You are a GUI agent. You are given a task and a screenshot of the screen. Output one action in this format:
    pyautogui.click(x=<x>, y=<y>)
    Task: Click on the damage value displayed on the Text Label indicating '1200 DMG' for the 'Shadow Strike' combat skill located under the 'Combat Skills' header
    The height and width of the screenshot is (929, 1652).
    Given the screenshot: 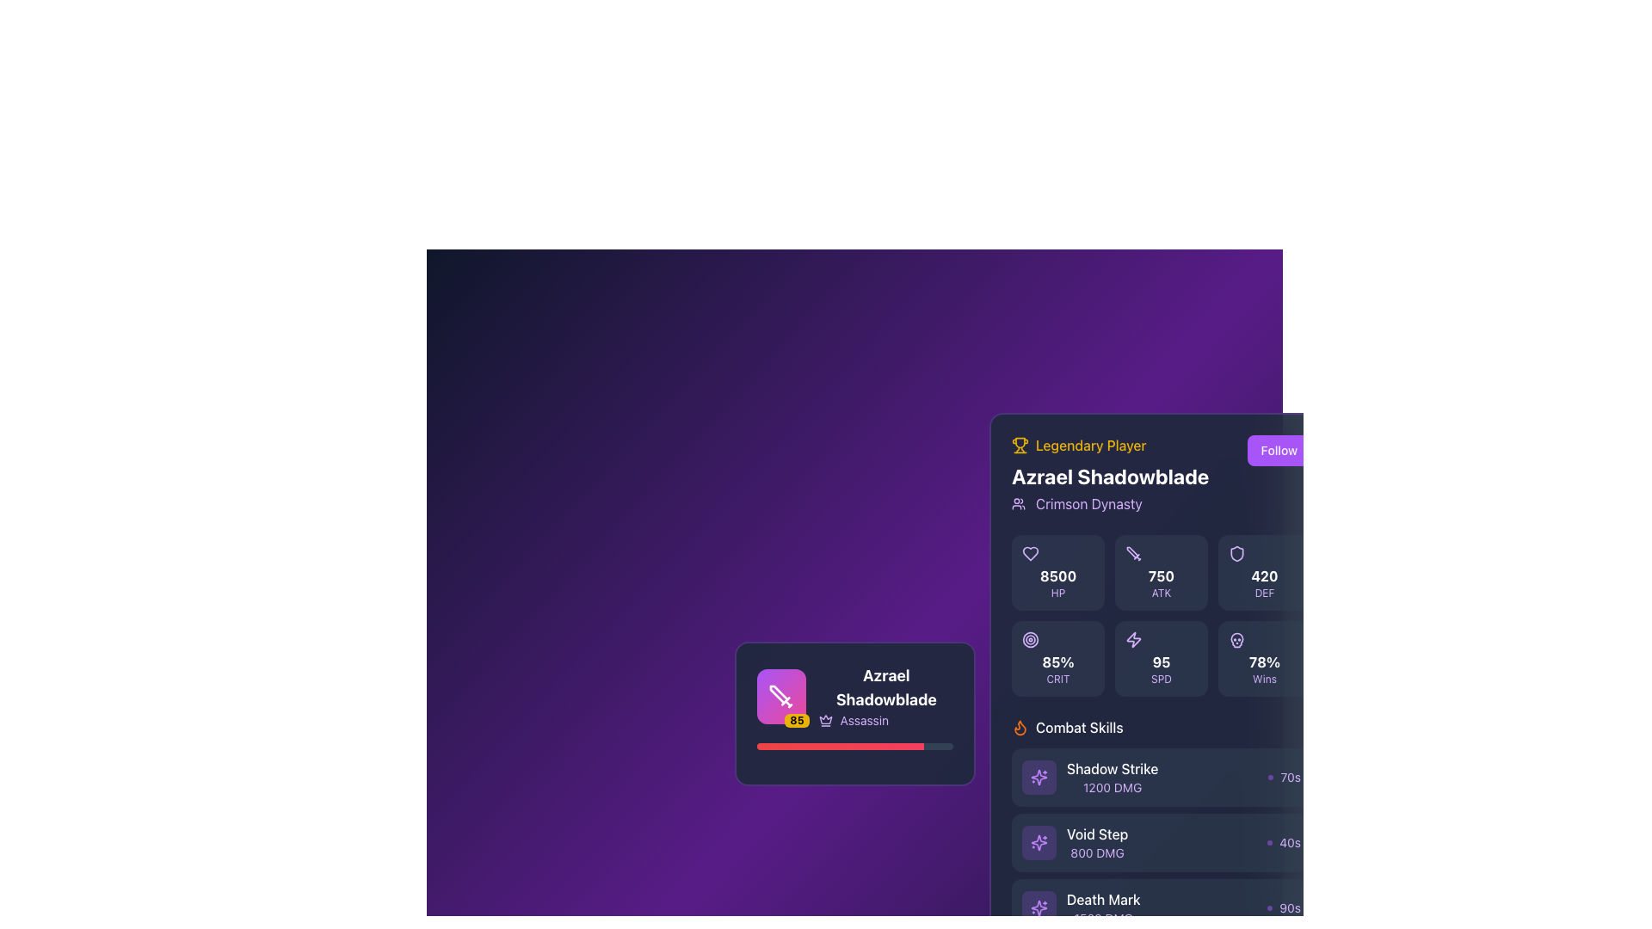 What is the action you would take?
    pyautogui.click(x=1112, y=787)
    